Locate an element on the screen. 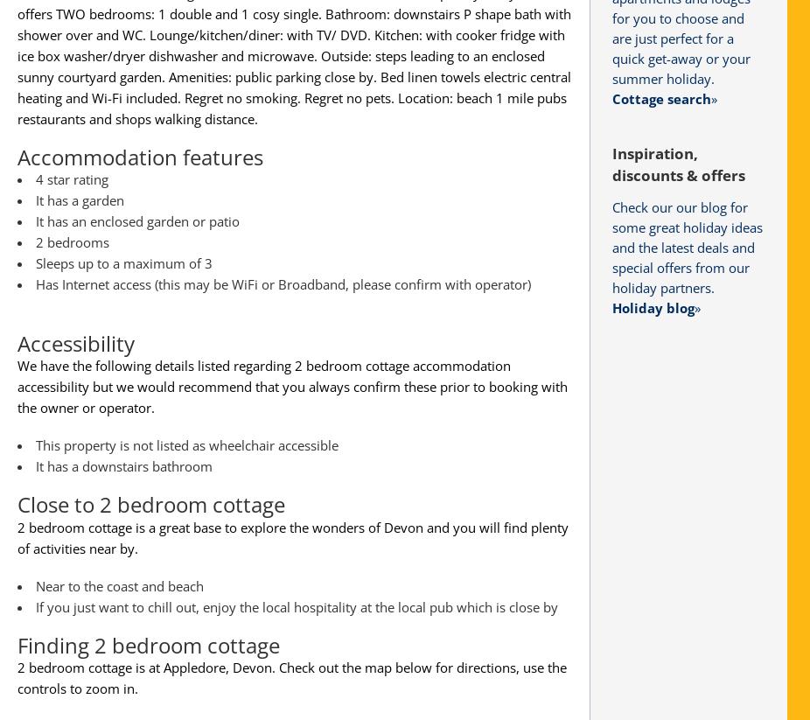 The image size is (810, 720). 'Cottage search' is located at coordinates (661, 97).